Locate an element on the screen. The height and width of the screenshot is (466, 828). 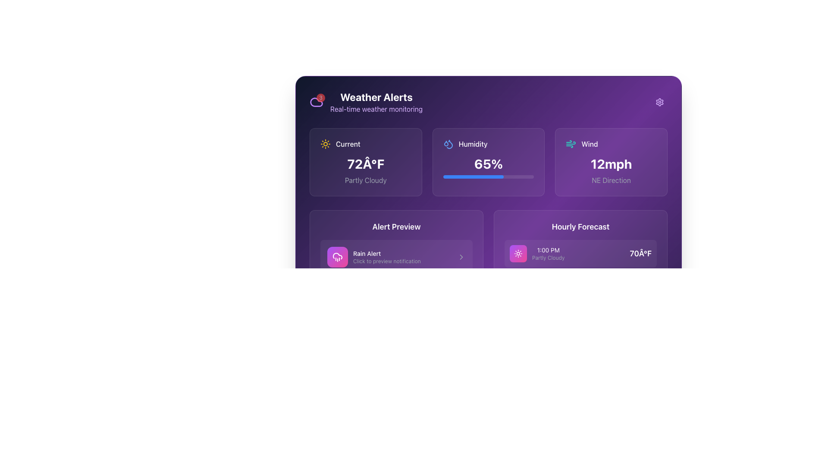
the Cloud Symbol icon located in the top-left corner of the interface, above the 'Weather Alerts' header is located at coordinates (316, 101).